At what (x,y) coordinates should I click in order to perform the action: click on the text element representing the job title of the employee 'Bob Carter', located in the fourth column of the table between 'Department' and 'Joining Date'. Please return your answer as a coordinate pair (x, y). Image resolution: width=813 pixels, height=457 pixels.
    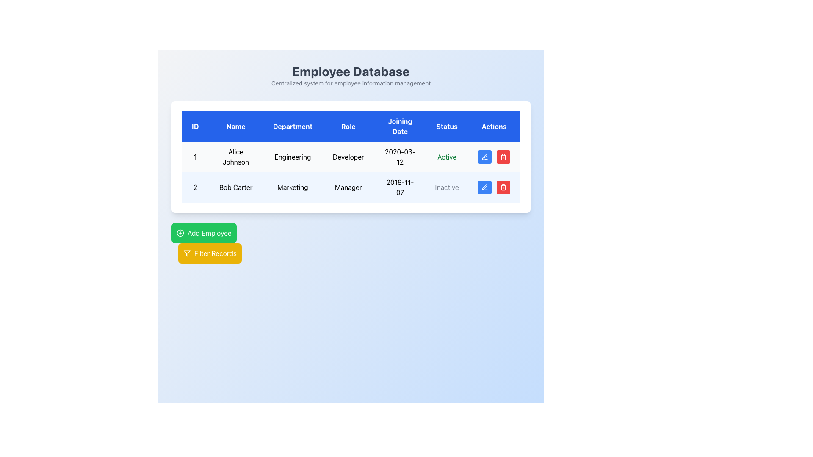
    Looking at the image, I should click on (348, 187).